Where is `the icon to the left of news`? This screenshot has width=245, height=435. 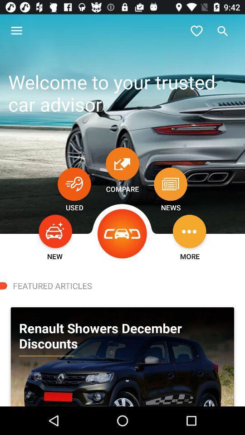 the icon to the left of news is located at coordinates (122, 233).